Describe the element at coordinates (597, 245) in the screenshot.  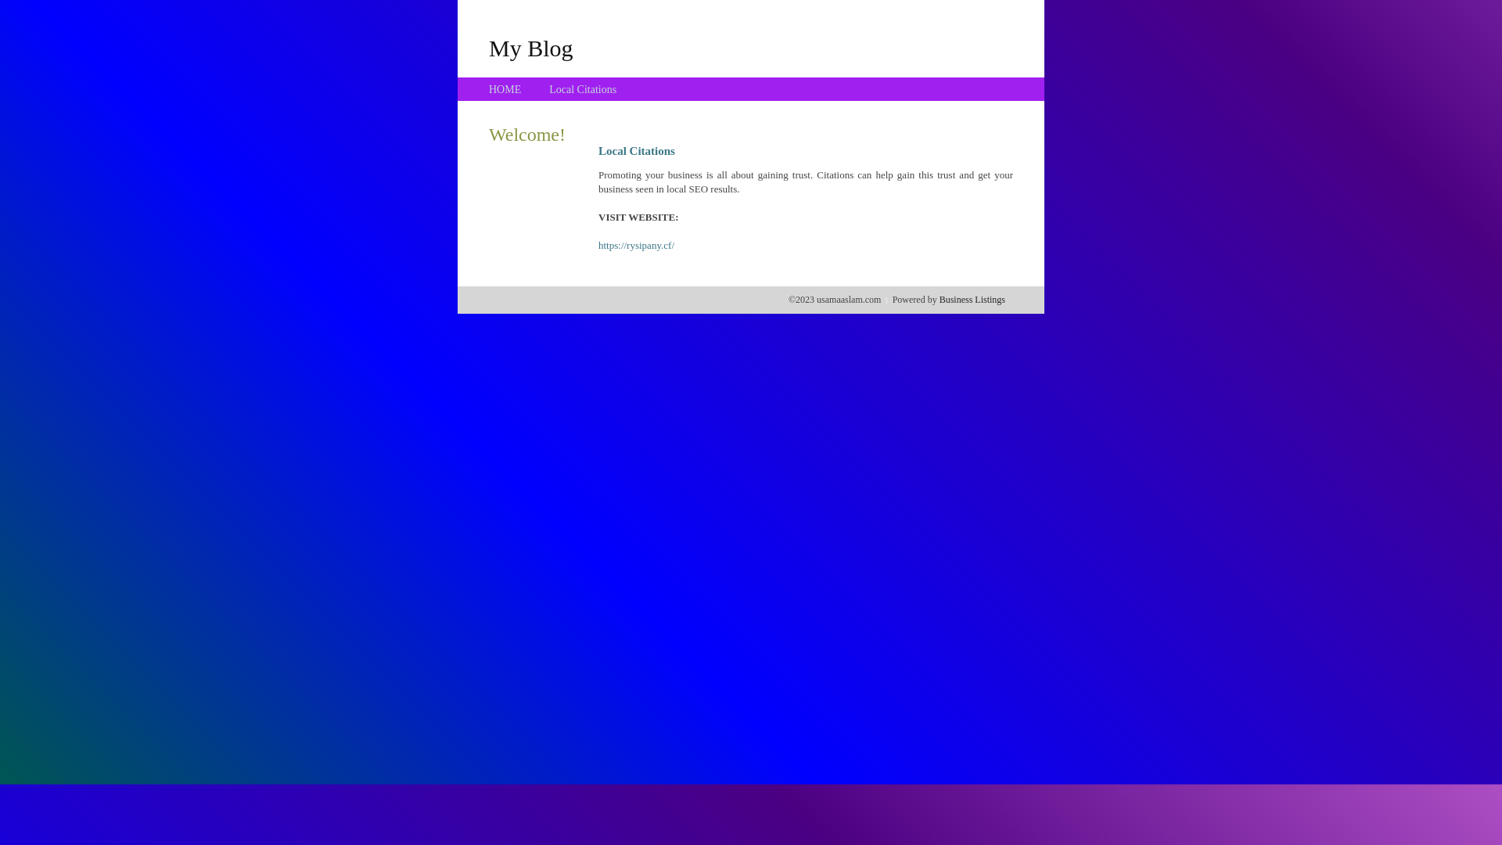
I see `'https://rysipany.cf/'` at that location.